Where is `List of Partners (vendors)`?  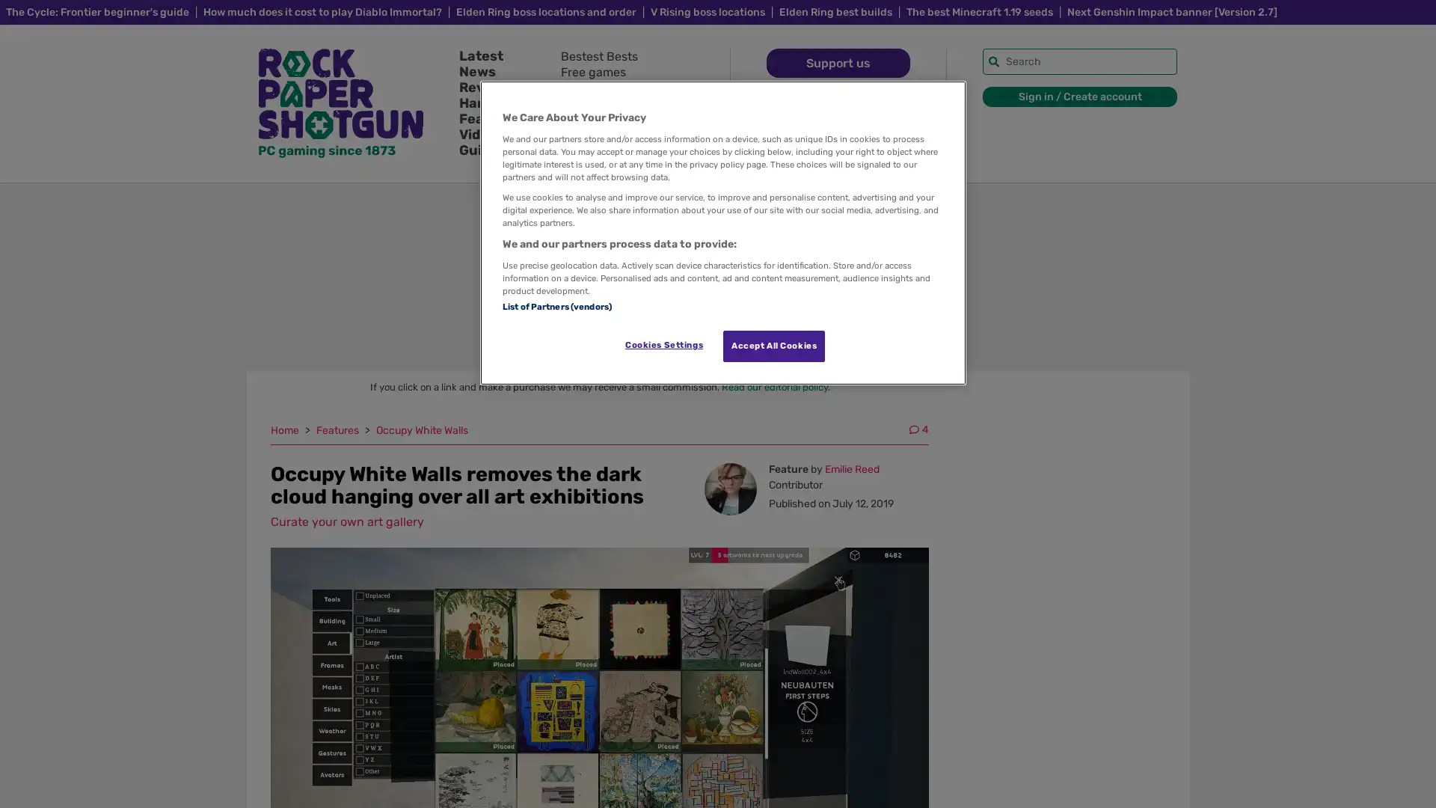 List of Partners (vendors) is located at coordinates (556, 304).